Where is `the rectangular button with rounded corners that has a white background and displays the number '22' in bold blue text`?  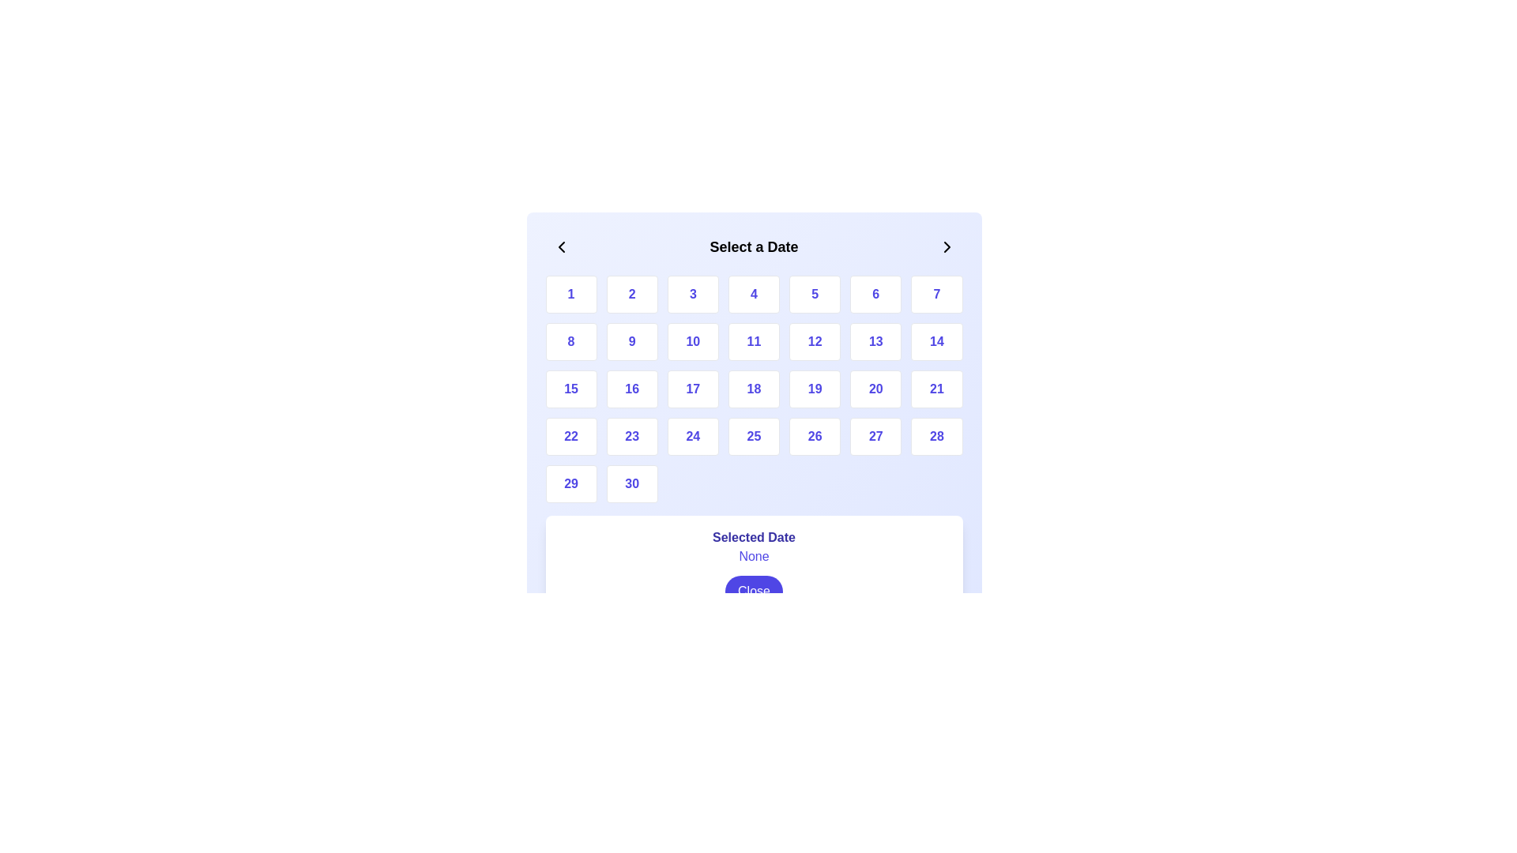
the rectangular button with rounded corners that has a white background and displays the number '22' in bold blue text is located at coordinates (570, 436).